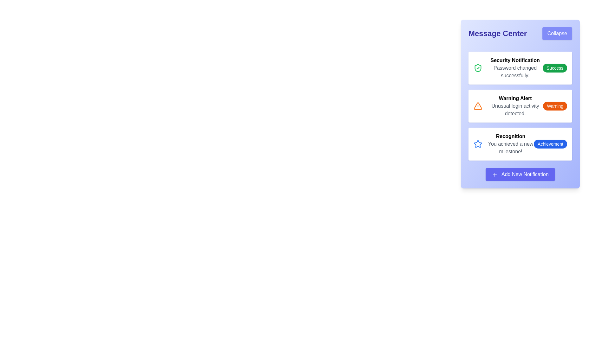 This screenshot has width=609, height=342. Describe the element at coordinates (478, 68) in the screenshot. I see `the green curved shield-like icon in the 'Security Notification' entry located in the topmost notification card of the 'Message Center'` at that location.